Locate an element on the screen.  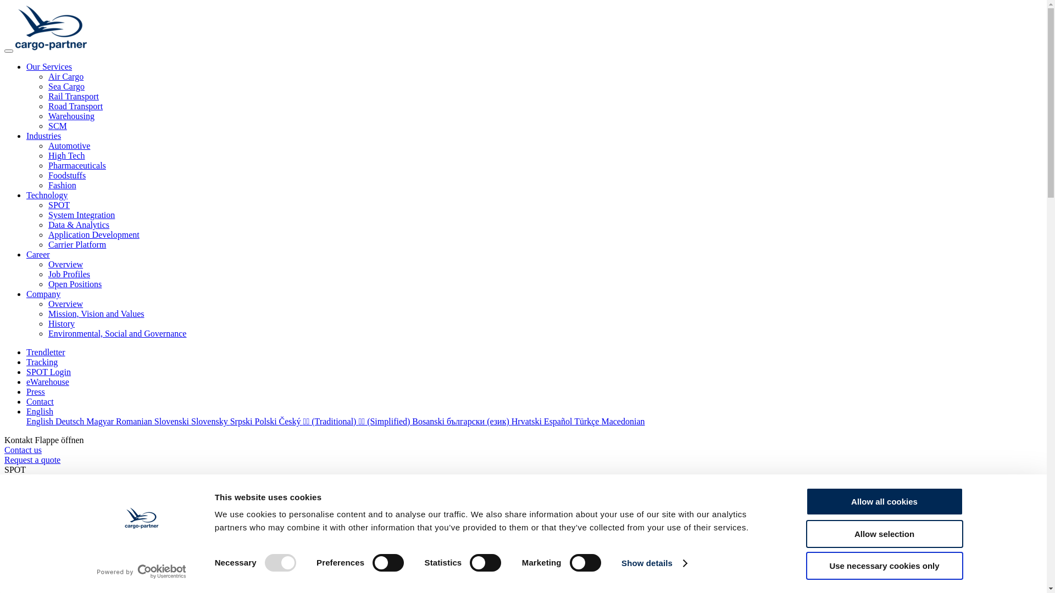
'Sea Cargo' is located at coordinates (65, 86).